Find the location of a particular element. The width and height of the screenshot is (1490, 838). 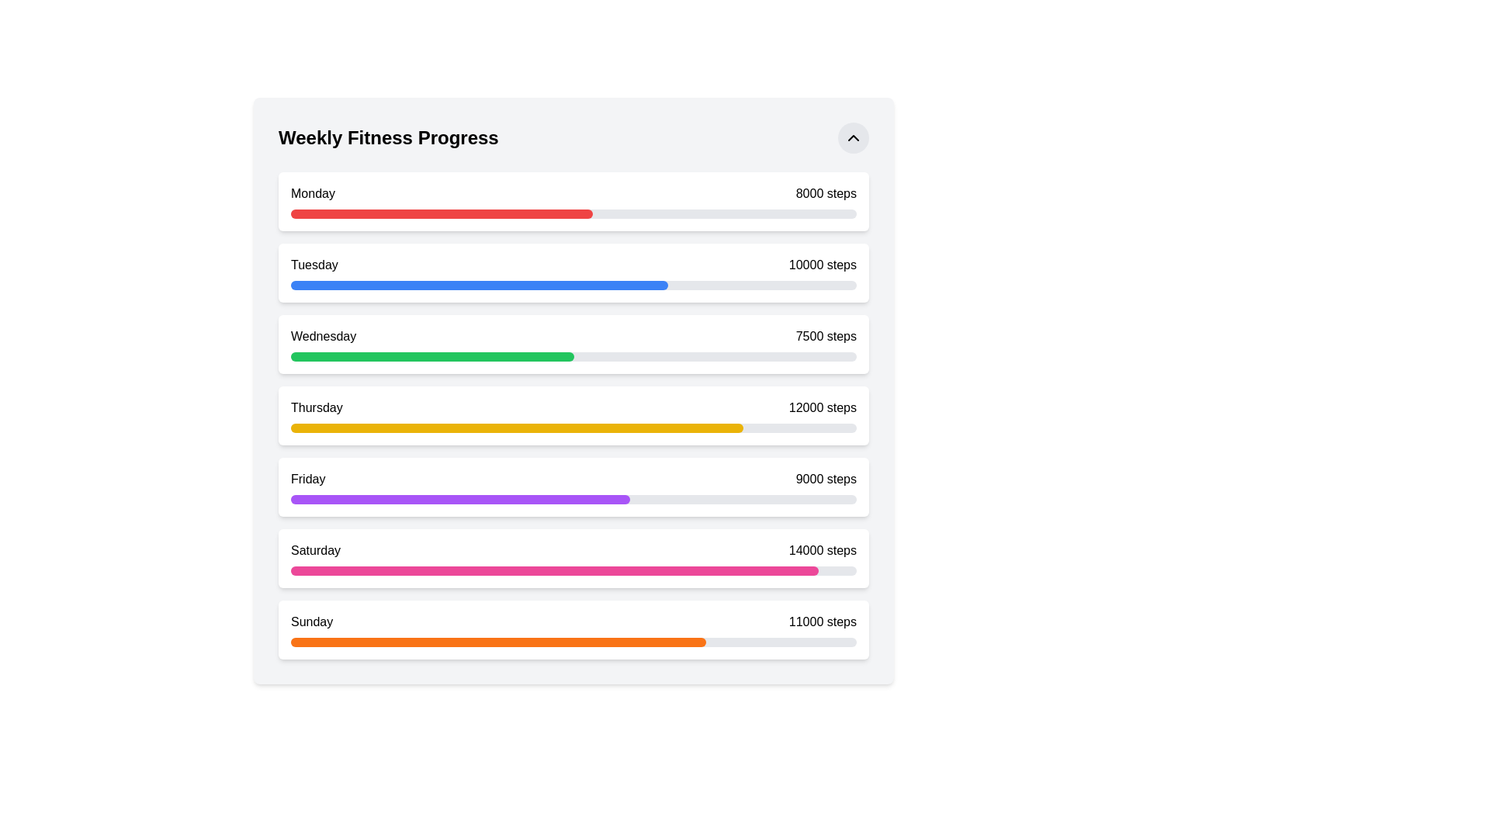

the Progress bar representing Tuesday's step count goal, located to the left of the '10000 steps' label for indirect interaction is located at coordinates (573, 285).